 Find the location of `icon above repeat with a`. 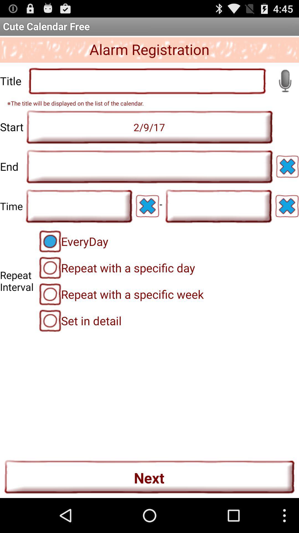

icon above repeat with a is located at coordinates (73, 241).